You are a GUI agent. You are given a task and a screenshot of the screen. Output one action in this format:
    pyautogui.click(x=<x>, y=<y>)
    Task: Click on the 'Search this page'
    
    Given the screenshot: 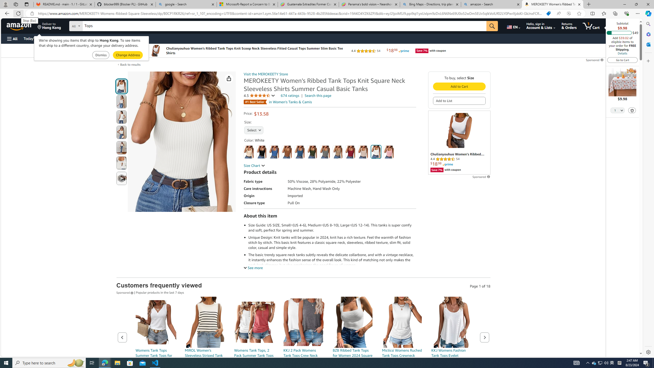 What is the action you would take?
    pyautogui.click(x=318, y=96)
    